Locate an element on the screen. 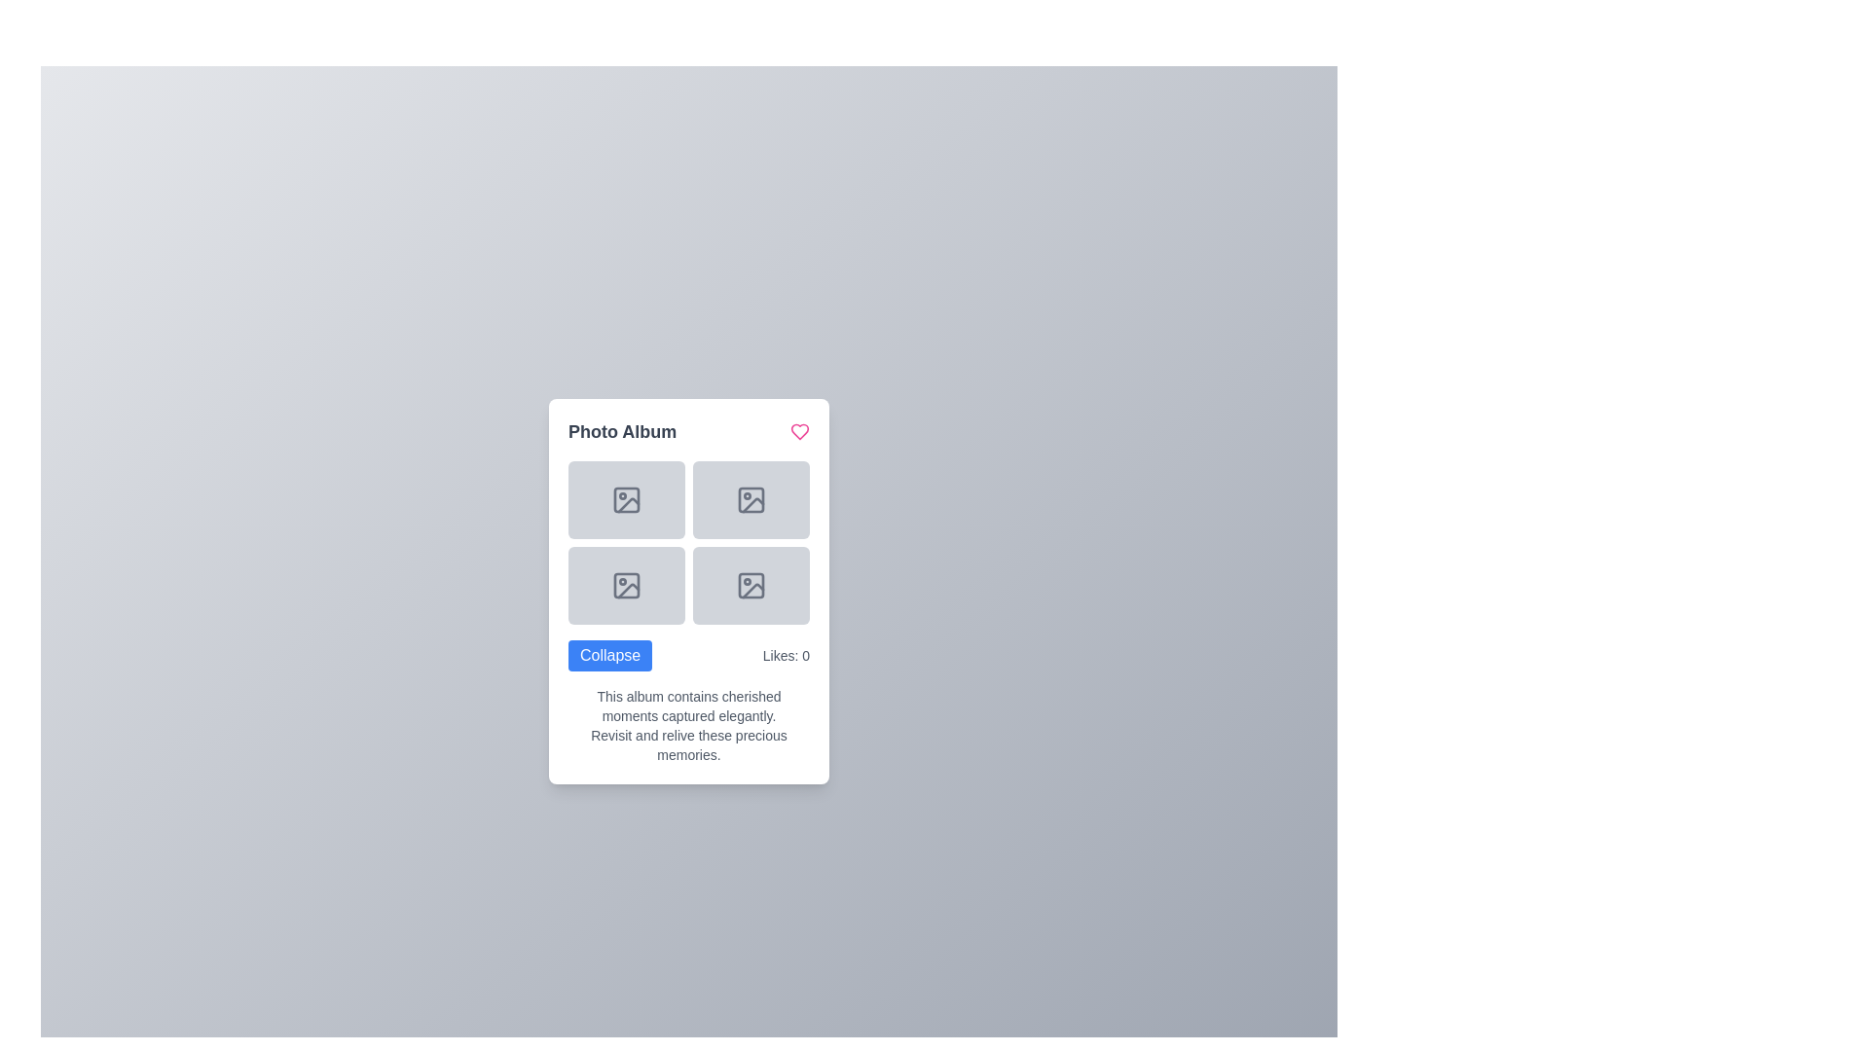 The image size is (1869, 1051). the first button in the top-left corner of the photo album grid is located at coordinates (626, 498).